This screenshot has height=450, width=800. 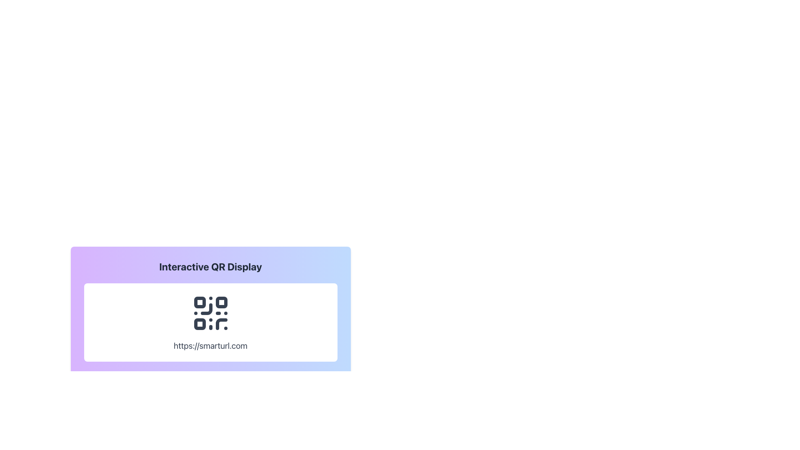 I want to click on the Display panel containing the QR code and informational text to interact with it, so click(x=210, y=329).